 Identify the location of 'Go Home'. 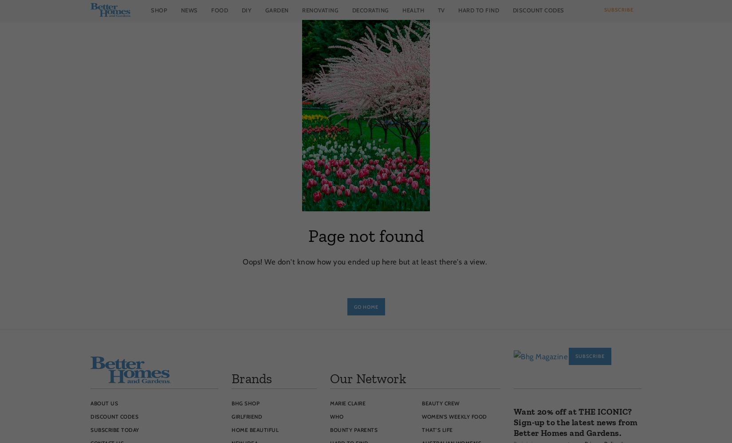
(353, 307).